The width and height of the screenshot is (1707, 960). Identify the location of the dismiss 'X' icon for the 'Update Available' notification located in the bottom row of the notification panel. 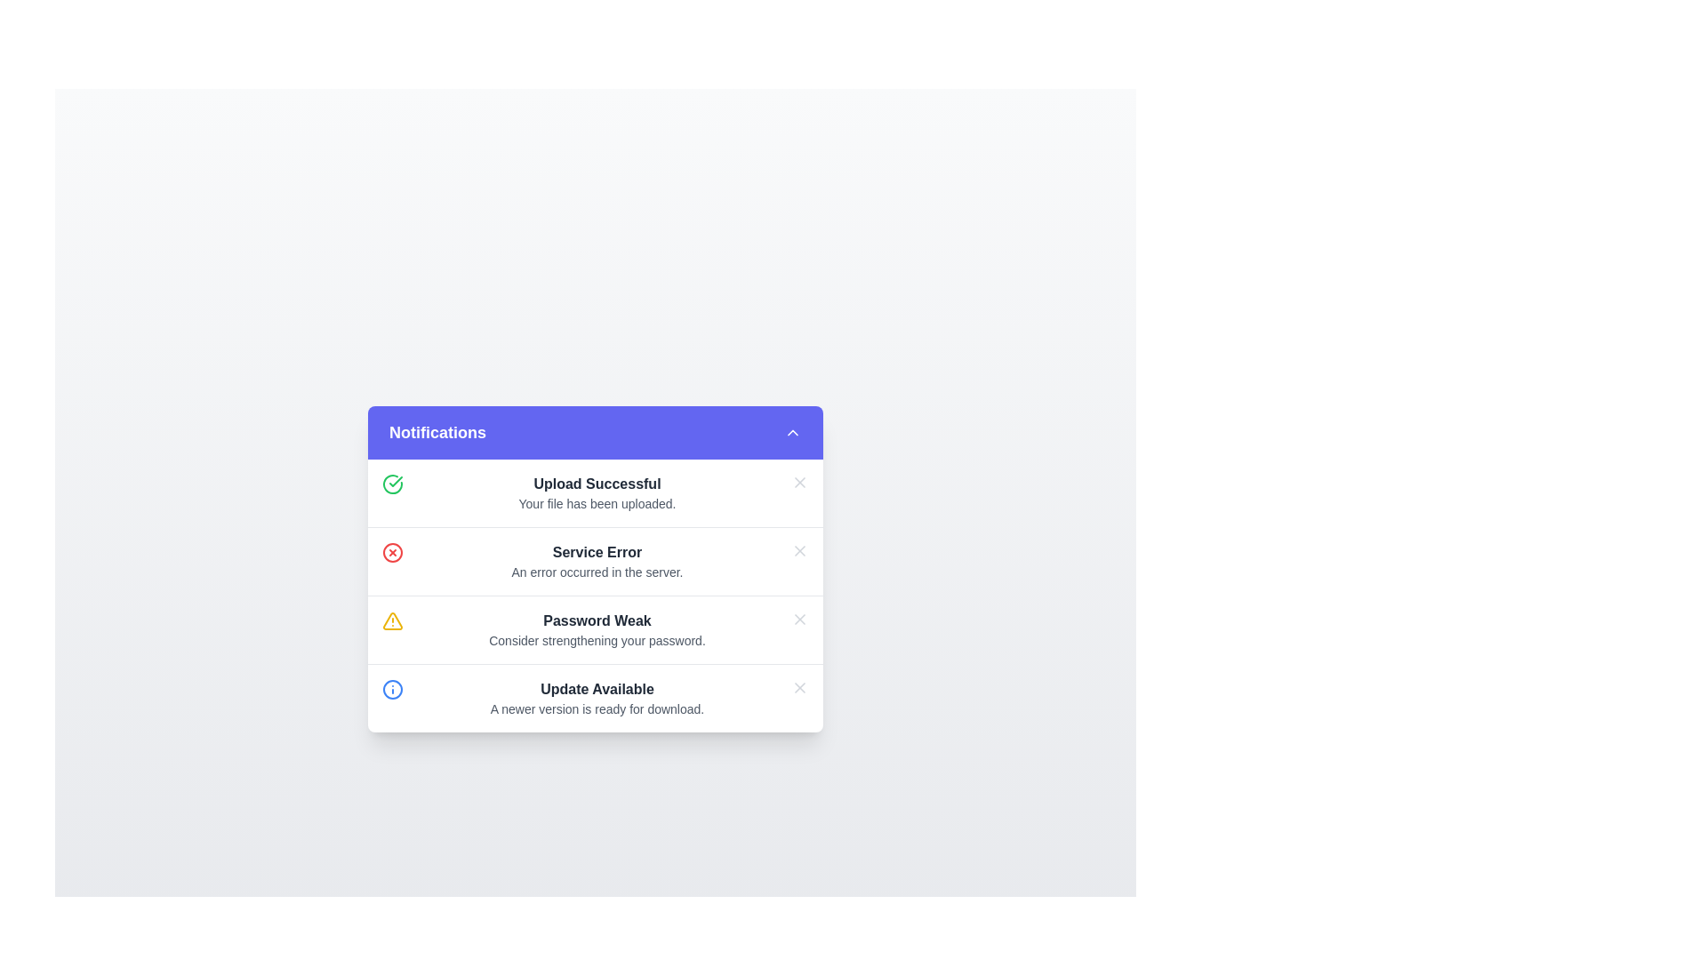
(799, 686).